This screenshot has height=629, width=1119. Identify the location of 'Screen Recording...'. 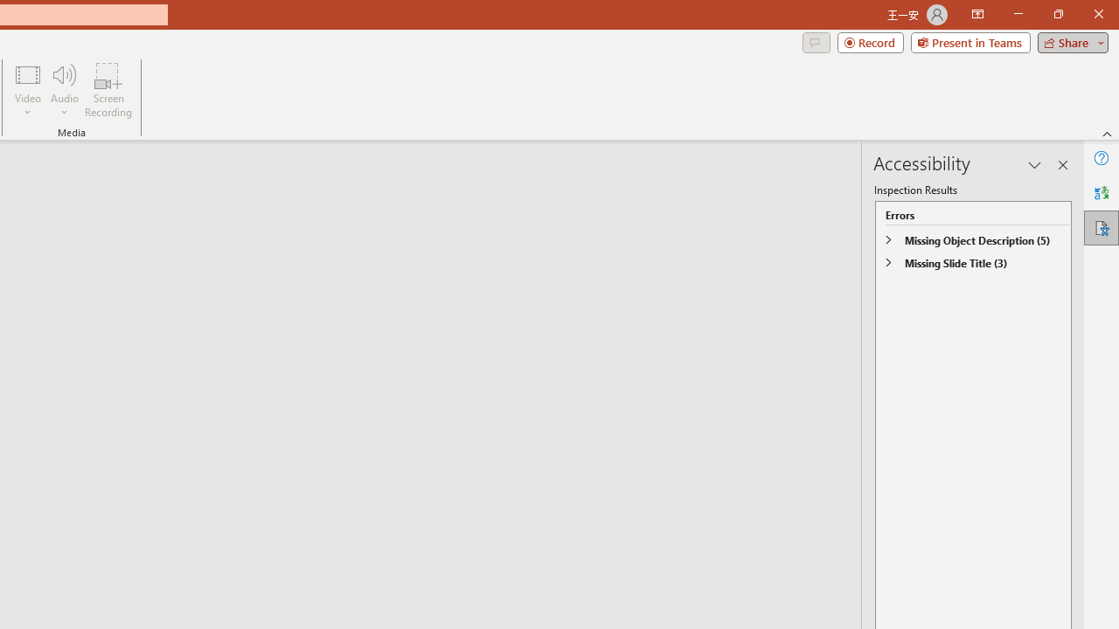
(108, 90).